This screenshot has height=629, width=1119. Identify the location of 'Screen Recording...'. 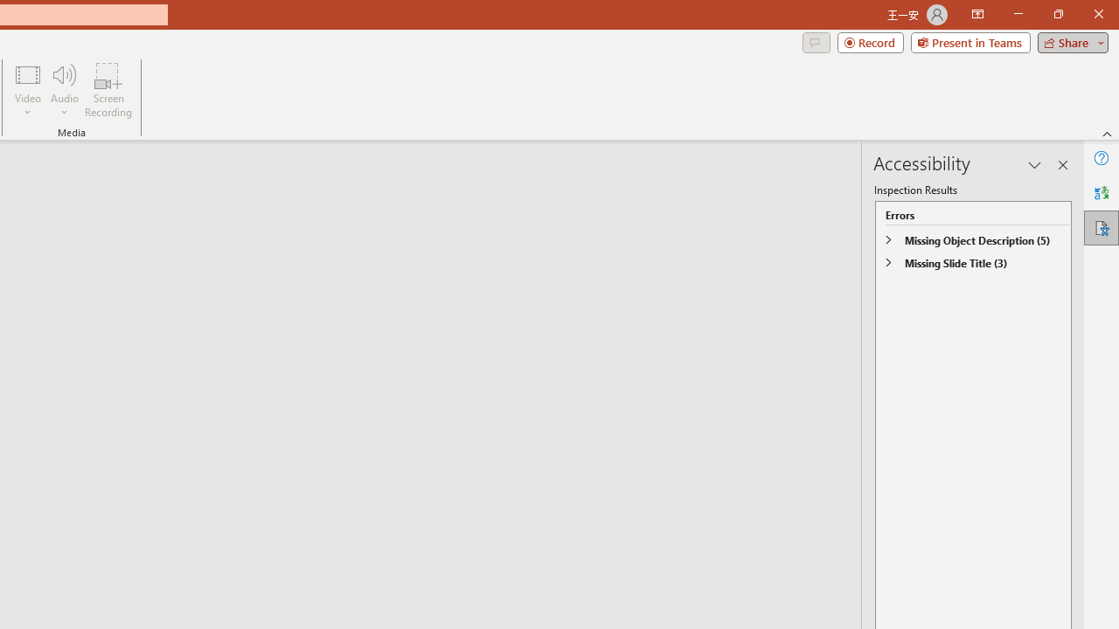
(108, 90).